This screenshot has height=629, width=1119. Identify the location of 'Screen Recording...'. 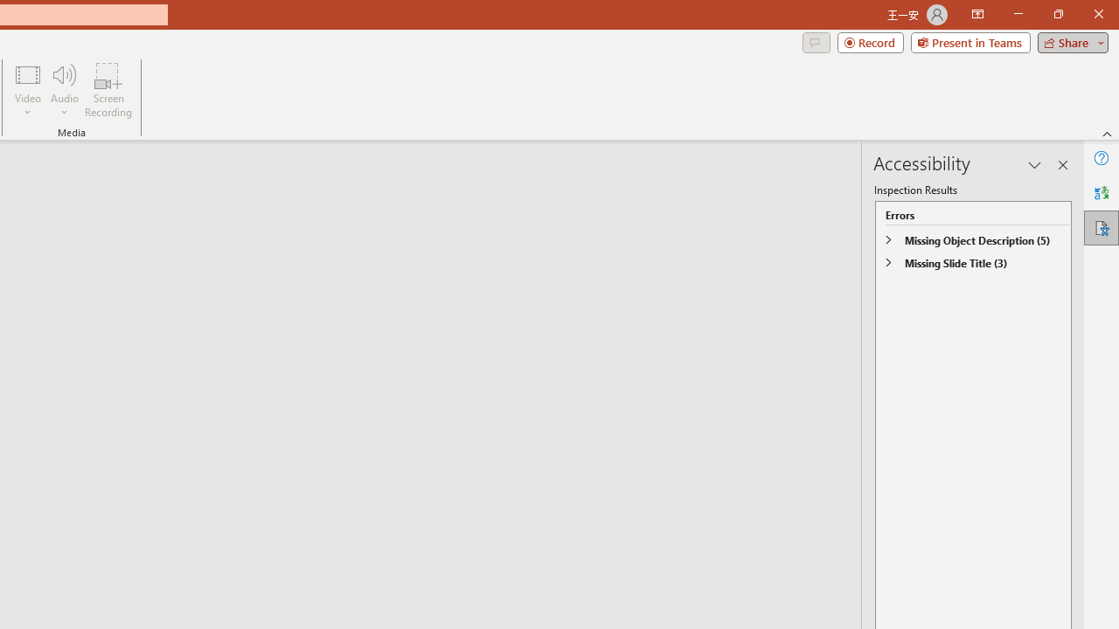
(108, 90).